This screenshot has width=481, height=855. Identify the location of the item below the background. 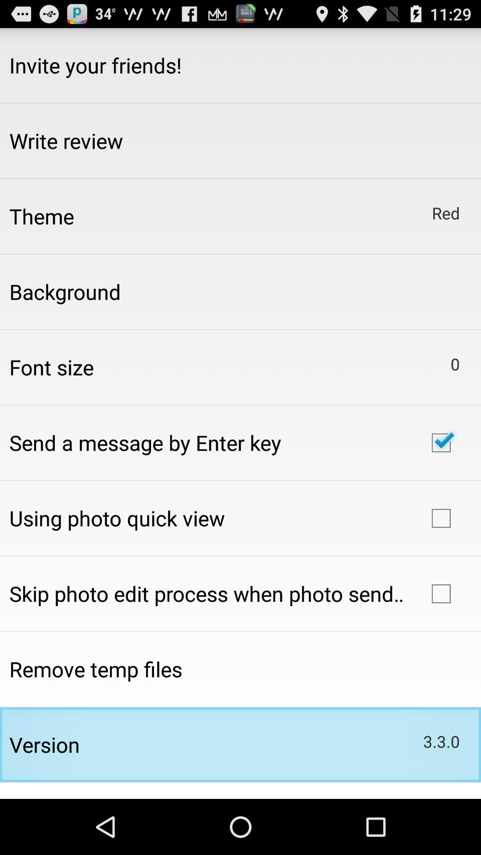
(51, 367).